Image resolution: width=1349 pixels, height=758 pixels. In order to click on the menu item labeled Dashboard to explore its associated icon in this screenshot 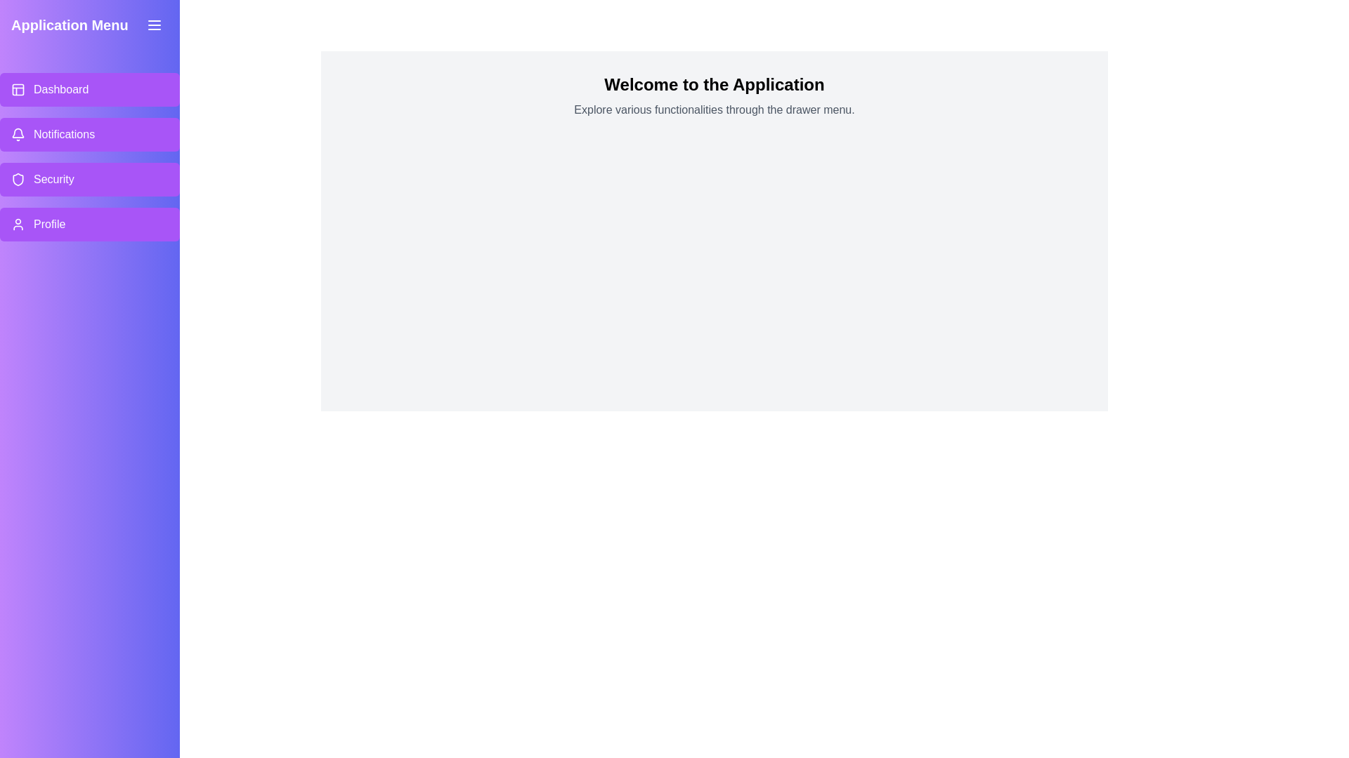, I will do `click(18, 89)`.